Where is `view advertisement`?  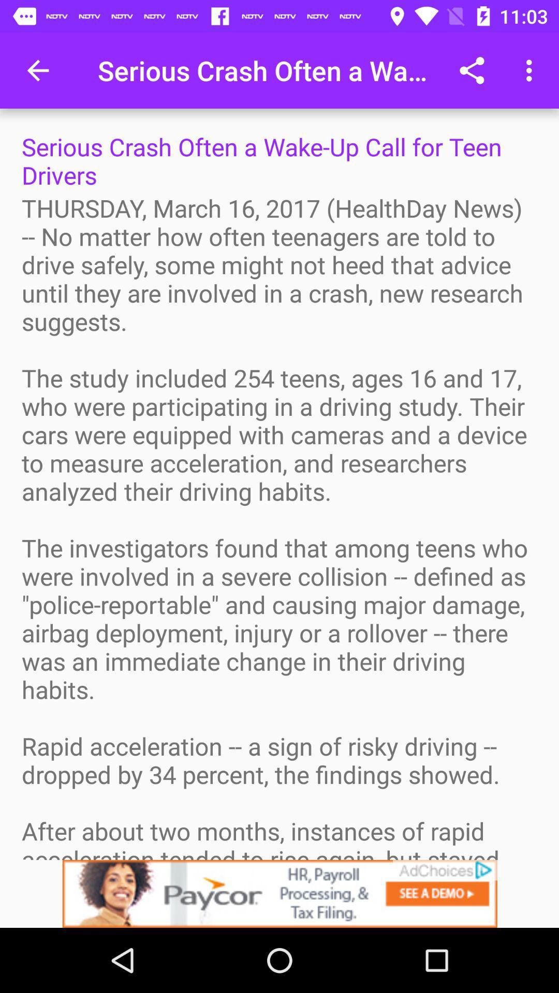 view advertisement is located at coordinates (279, 893).